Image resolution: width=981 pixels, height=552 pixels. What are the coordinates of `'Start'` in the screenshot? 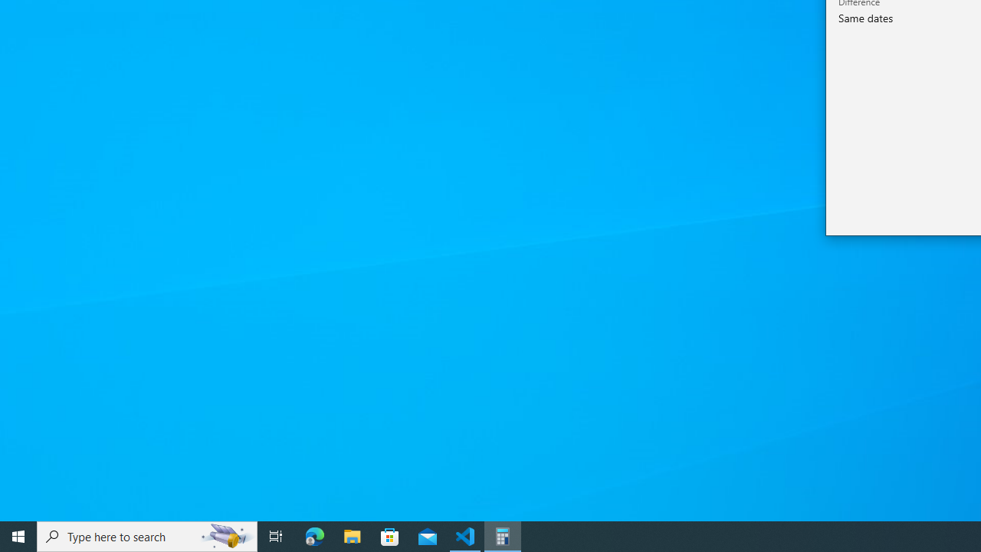 It's located at (18, 535).